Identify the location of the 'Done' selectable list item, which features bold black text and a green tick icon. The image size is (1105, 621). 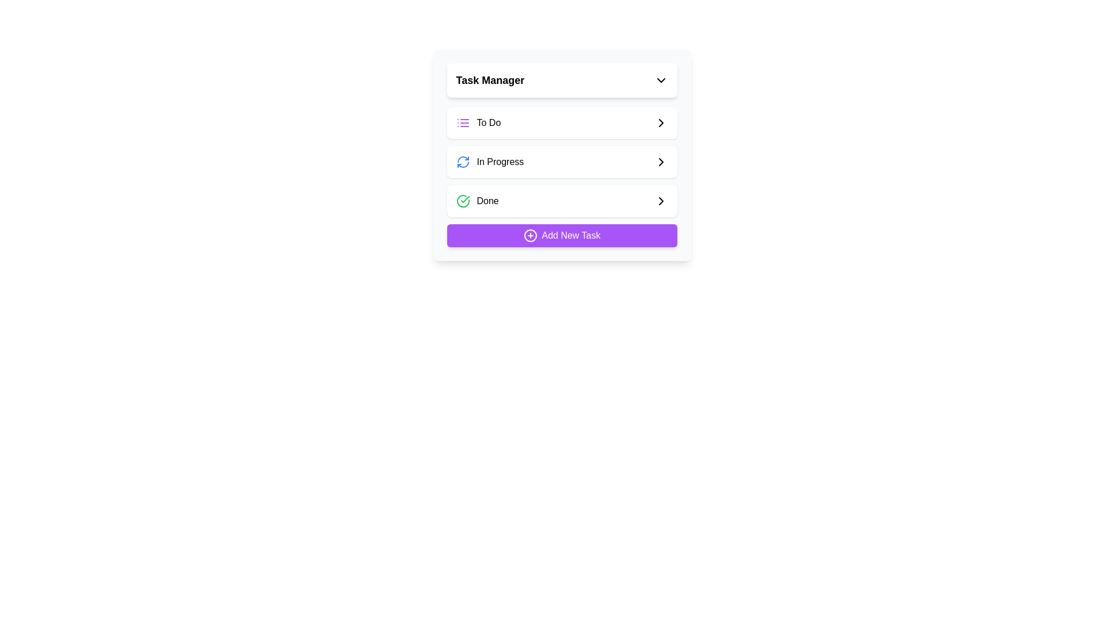
(477, 201).